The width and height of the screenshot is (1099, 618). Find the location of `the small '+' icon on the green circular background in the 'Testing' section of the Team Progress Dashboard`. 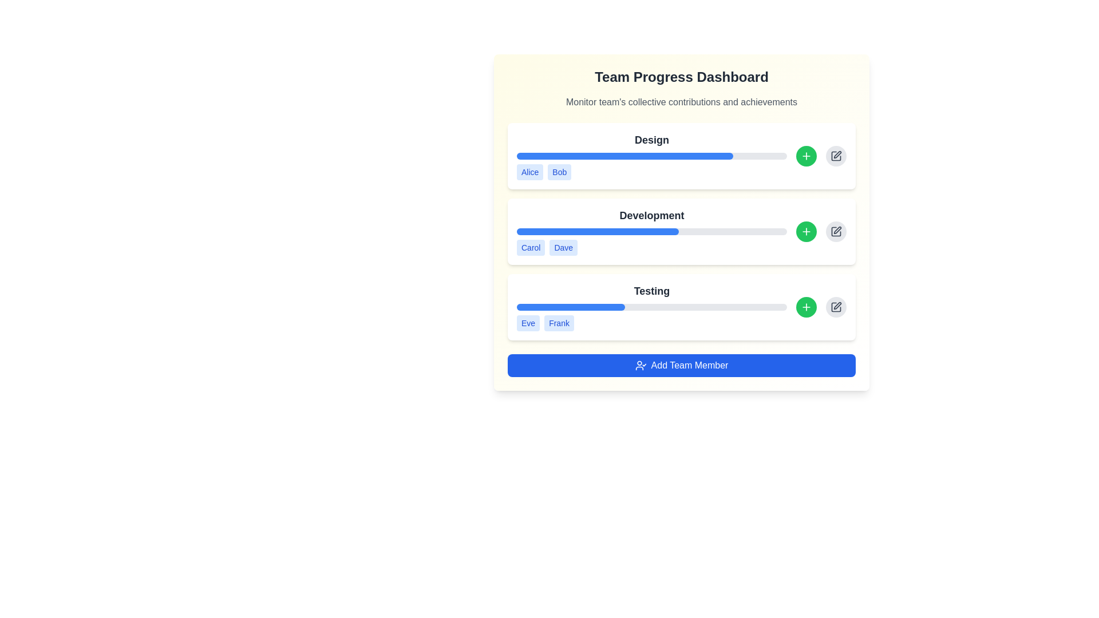

the small '+' icon on the green circular background in the 'Testing' section of the Team Progress Dashboard is located at coordinates (806, 306).